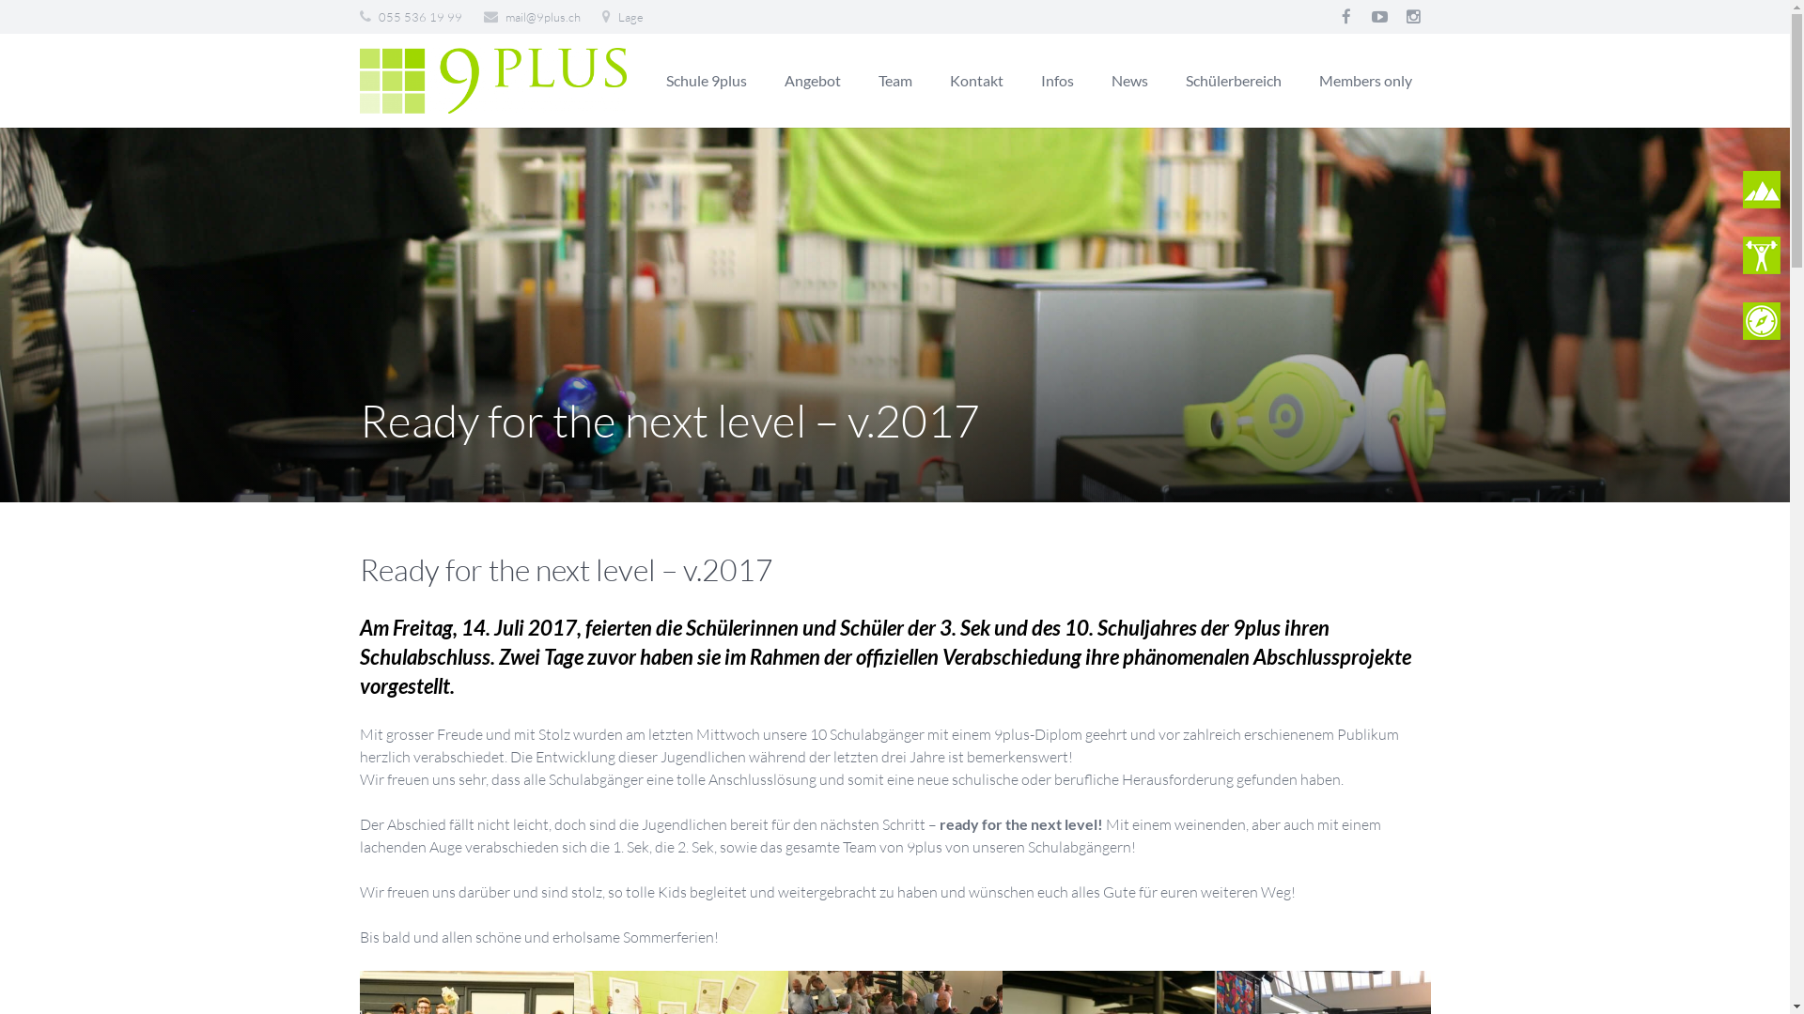 The height and width of the screenshot is (1014, 1804). Describe the element at coordinates (975, 79) in the screenshot. I see `'Kontakt'` at that location.